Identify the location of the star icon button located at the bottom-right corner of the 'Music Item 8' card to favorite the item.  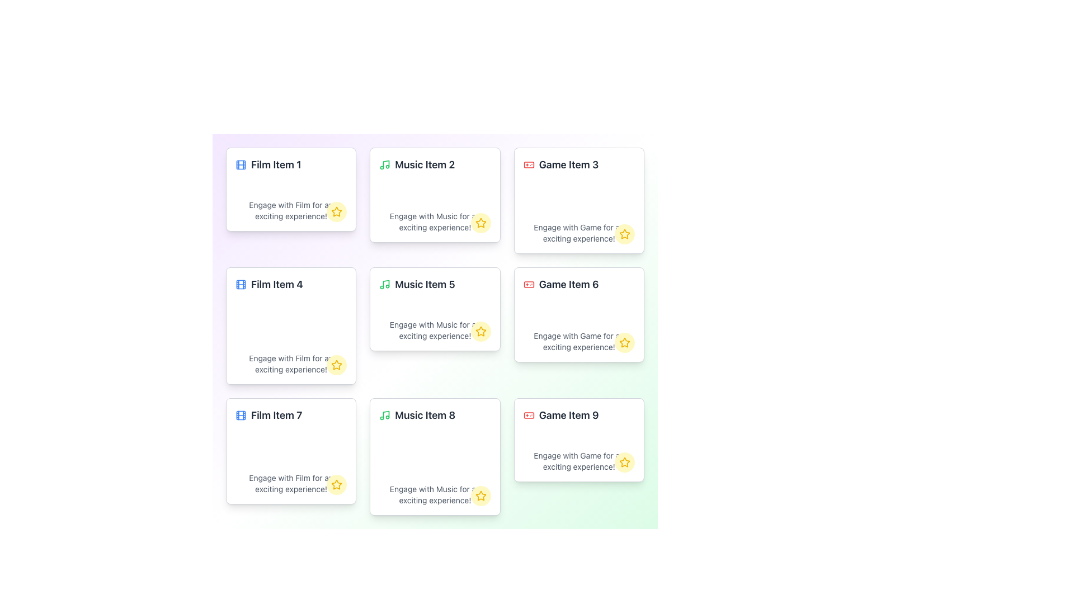
(481, 496).